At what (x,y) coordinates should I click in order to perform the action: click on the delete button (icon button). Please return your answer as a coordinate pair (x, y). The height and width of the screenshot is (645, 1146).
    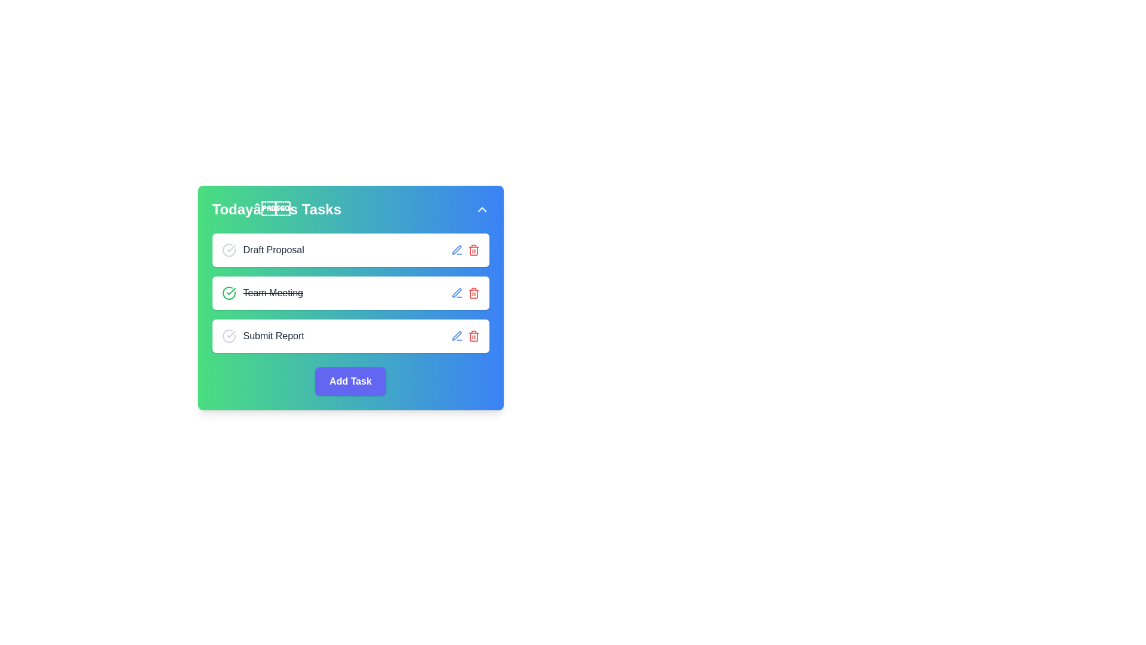
    Looking at the image, I should click on (473, 250).